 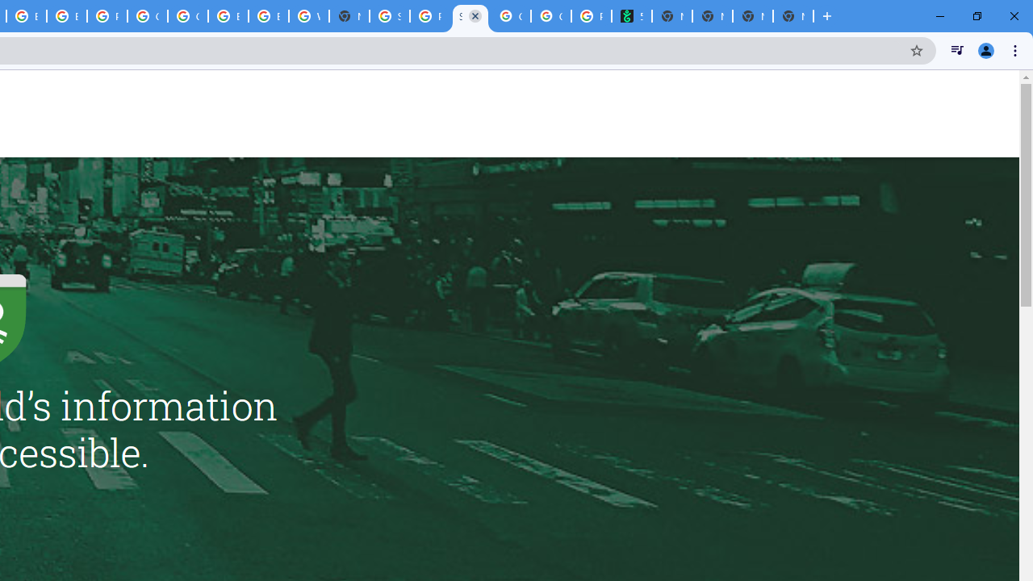 What do you see at coordinates (793, 16) in the screenshot?
I see `'New Tab'` at bounding box center [793, 16].